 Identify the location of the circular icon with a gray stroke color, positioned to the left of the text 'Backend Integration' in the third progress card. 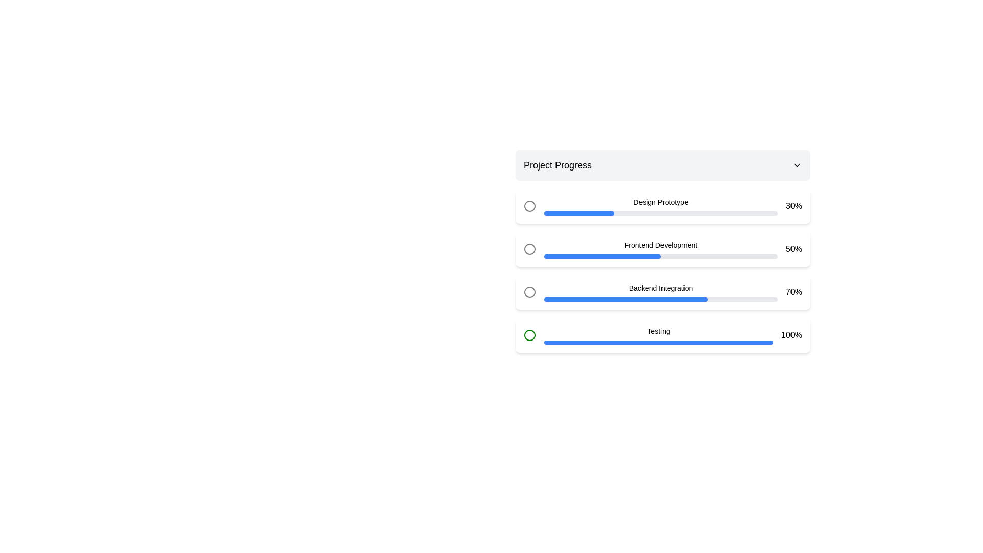
(530, 292).